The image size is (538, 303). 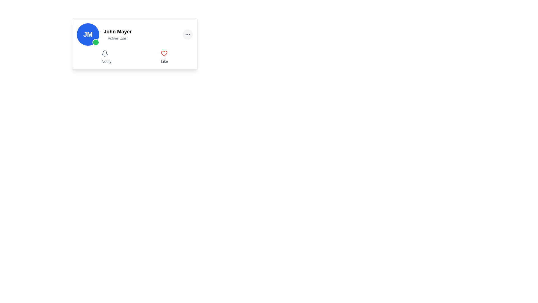 What do you see at coordinates (106, 61) in the screenshot?
I see `the text label containing the word 'Notify', which is styled in gray and located below a bell icon` at bounding box center [106, 61].